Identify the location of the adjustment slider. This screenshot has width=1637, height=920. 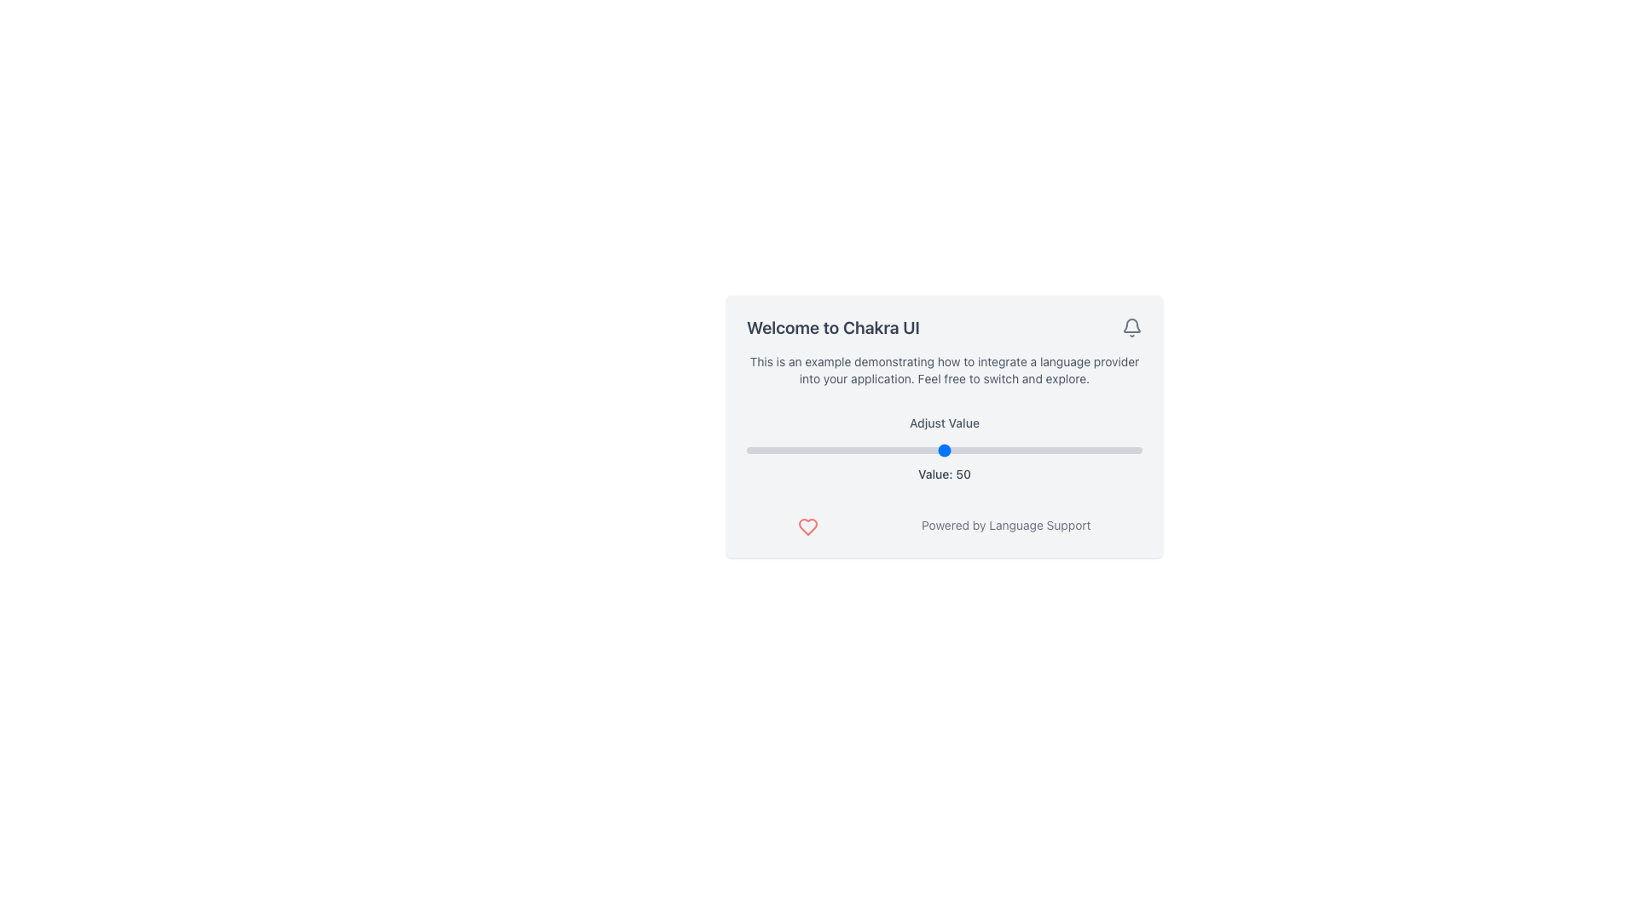
(846, 449).